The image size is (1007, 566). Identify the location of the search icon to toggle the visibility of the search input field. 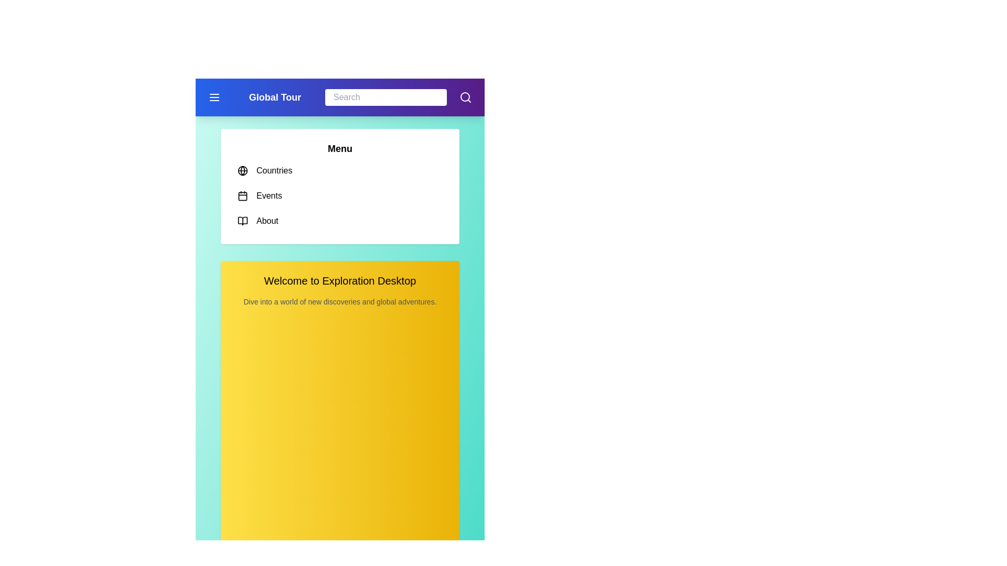
(465, 97).